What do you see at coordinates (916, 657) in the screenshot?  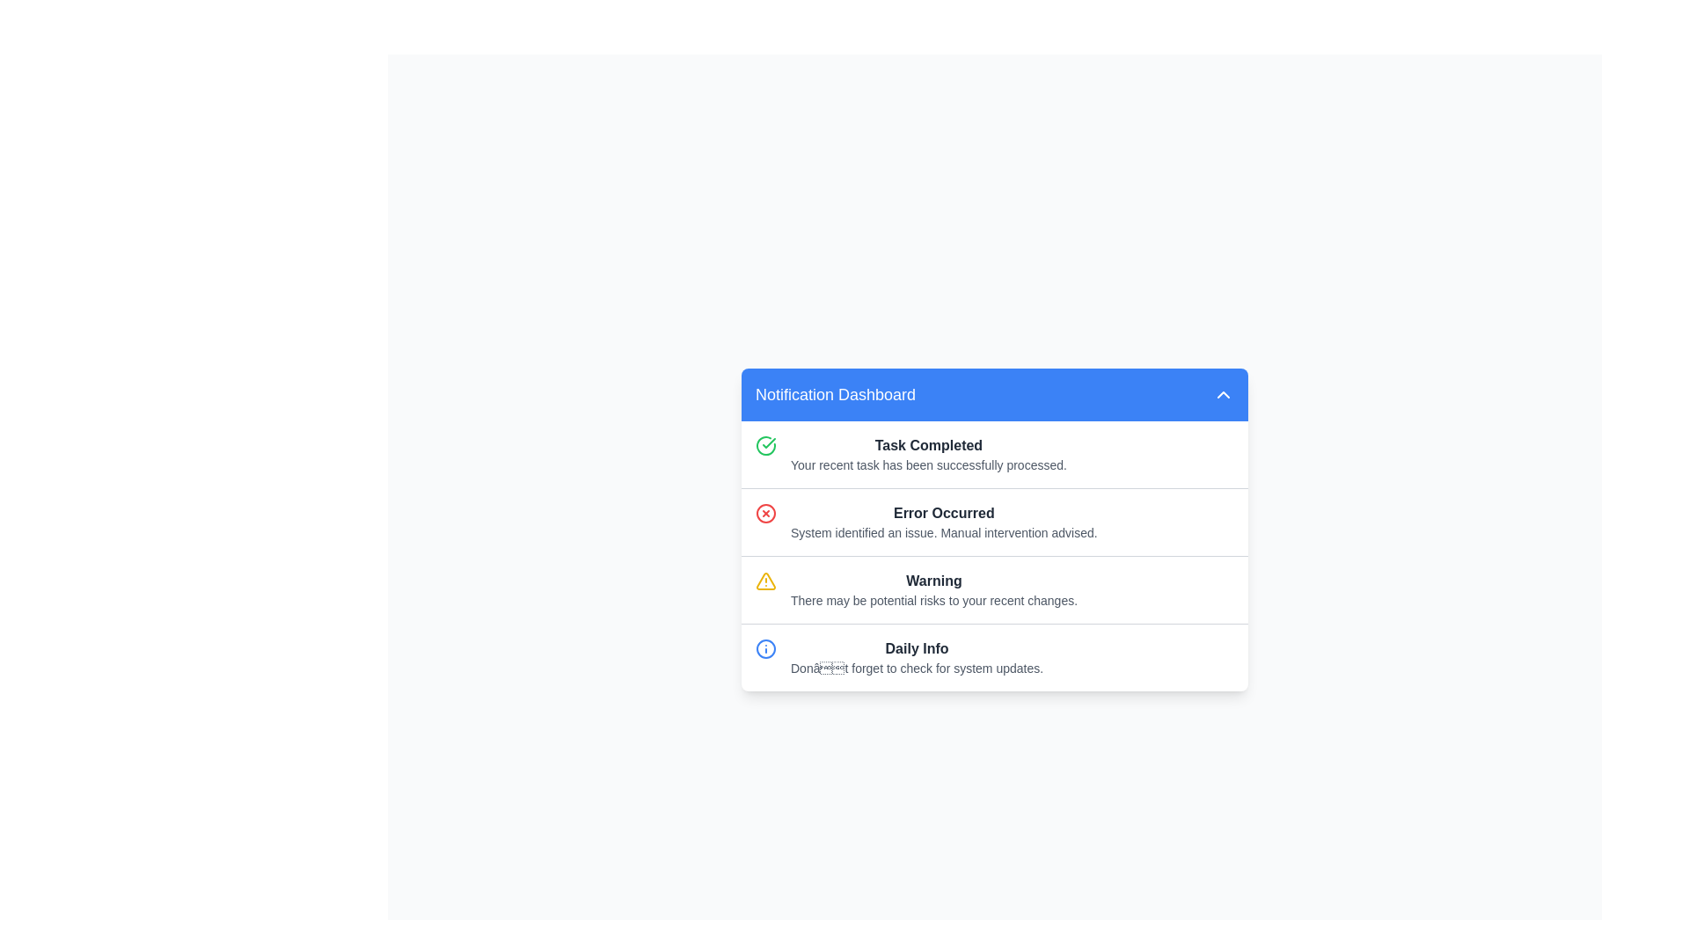 I see `the informational Text block located at the bottom of the 'Notification Dashboard' panel, which reminds users about checking system updates` at bounding box center [916, 657].